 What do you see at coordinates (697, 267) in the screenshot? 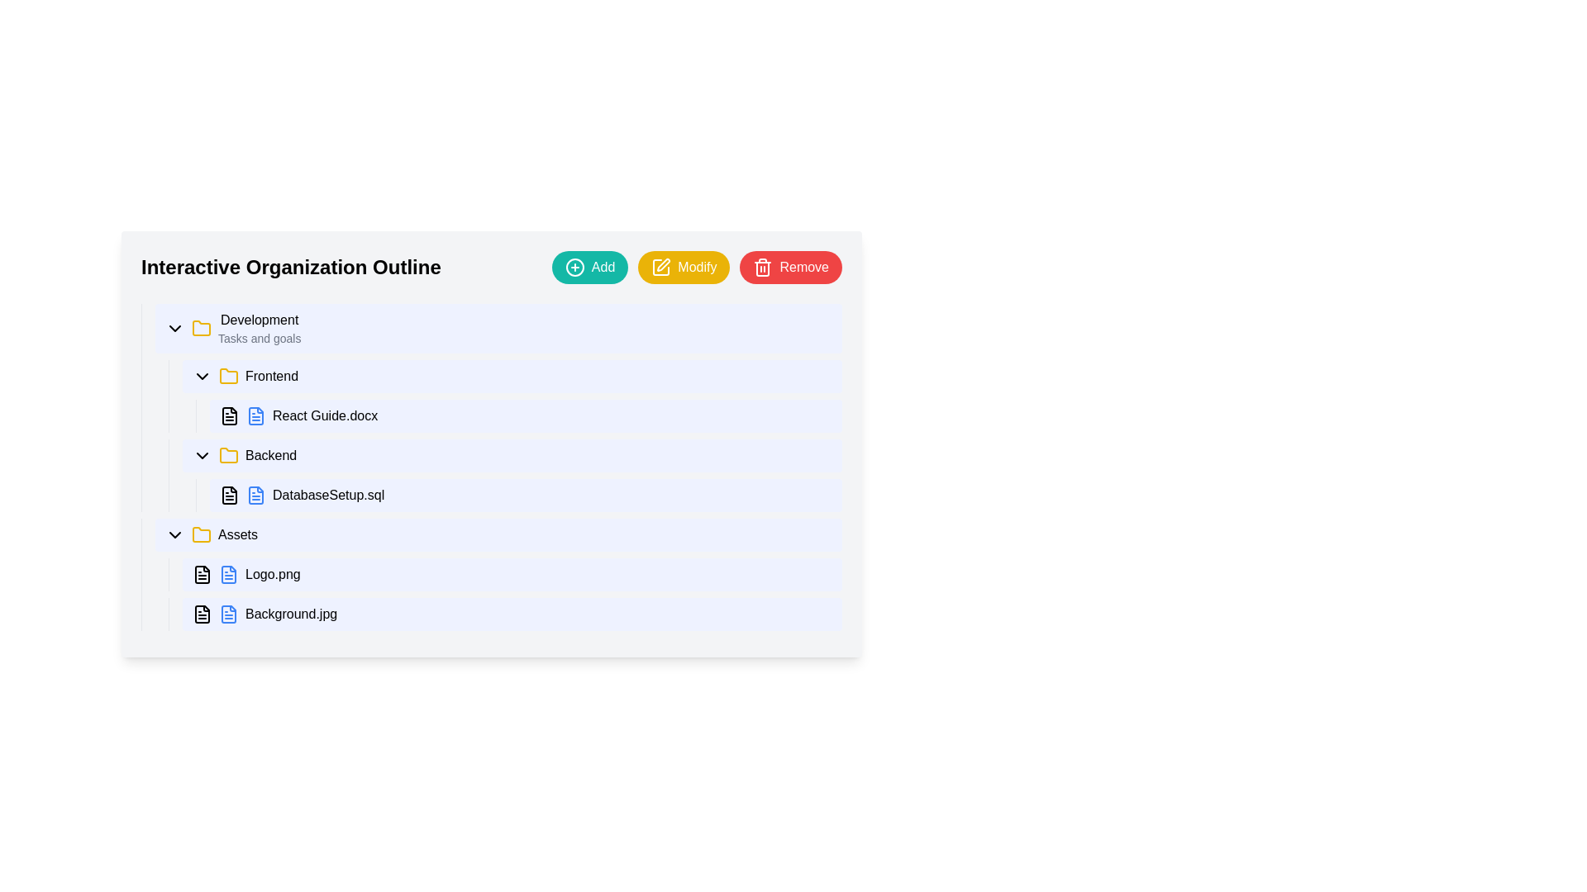
I see `the 'Modify' button with a yellow background and a pen icon` at bounding box center [697, 267].